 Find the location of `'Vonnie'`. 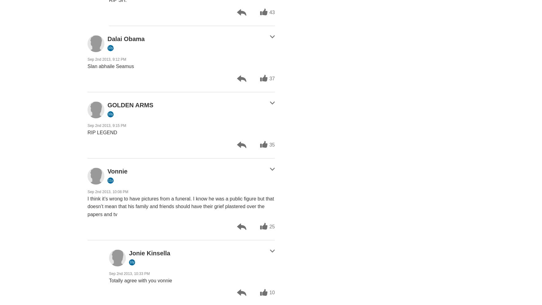

'Vonnie' is located at coordinates (107, 171).